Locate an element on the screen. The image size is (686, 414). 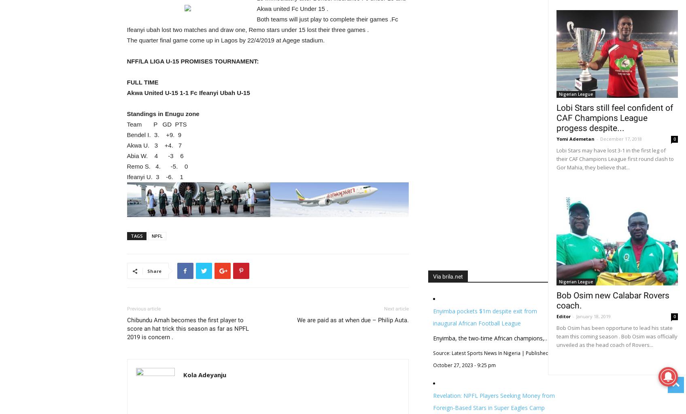
'NFF/LA LIGA U-15 PROMISES TOURNAMENT:' is located at coordinates (192, 61).